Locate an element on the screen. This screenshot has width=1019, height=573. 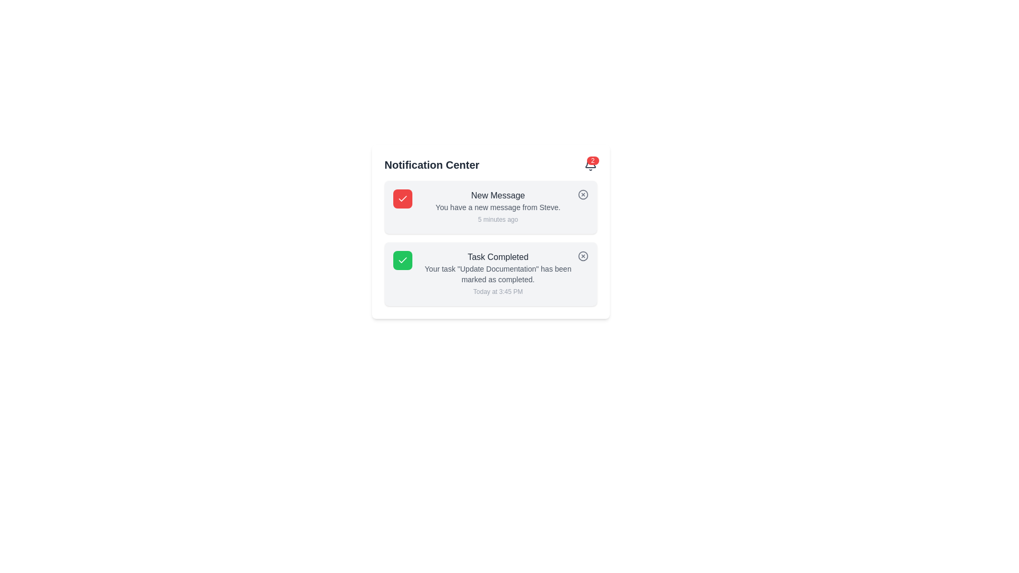
the timestamp text label located at the lower-right corner of the 'Task Completed' notification box is located at coordinates (497, 292).